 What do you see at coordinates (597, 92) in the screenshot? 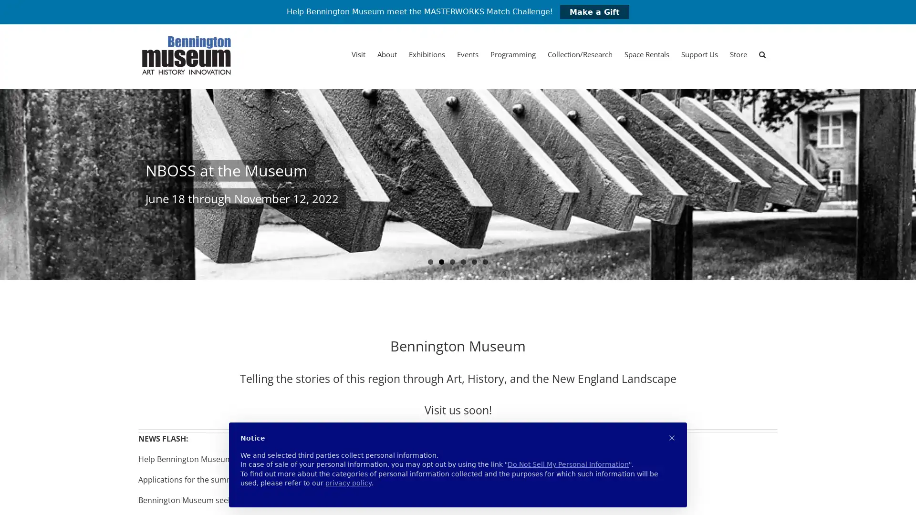
I see `Close` at bounding box center [597, 92].